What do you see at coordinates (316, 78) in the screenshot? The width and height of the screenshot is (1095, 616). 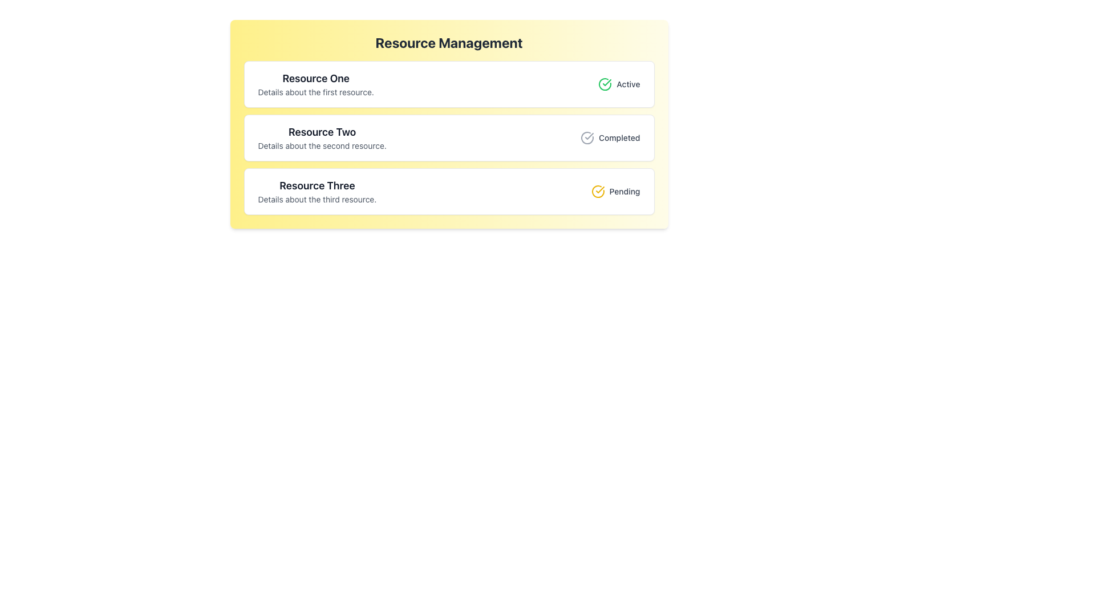 I see `text content of the 'Resource One' text label, which is styled with a bold and large font and located within a white card against a yellow background` at bounding box center [316, 78].